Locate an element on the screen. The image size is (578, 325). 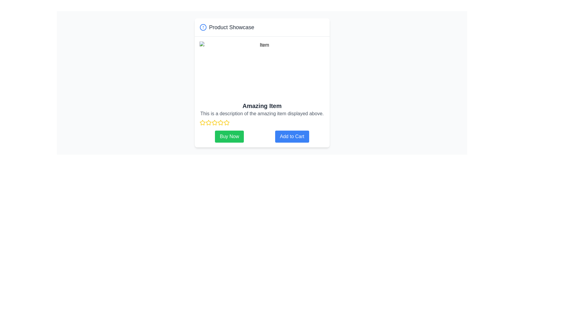
the fourth star icon in the rating unit located below the 'Amazing Item' description to allow users to provide feedback is located at coordinates (214, 122).